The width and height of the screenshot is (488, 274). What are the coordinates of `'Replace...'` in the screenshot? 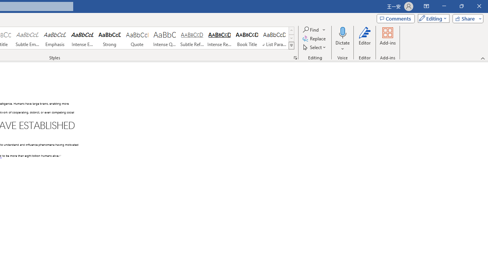 It's located at (315, 38).